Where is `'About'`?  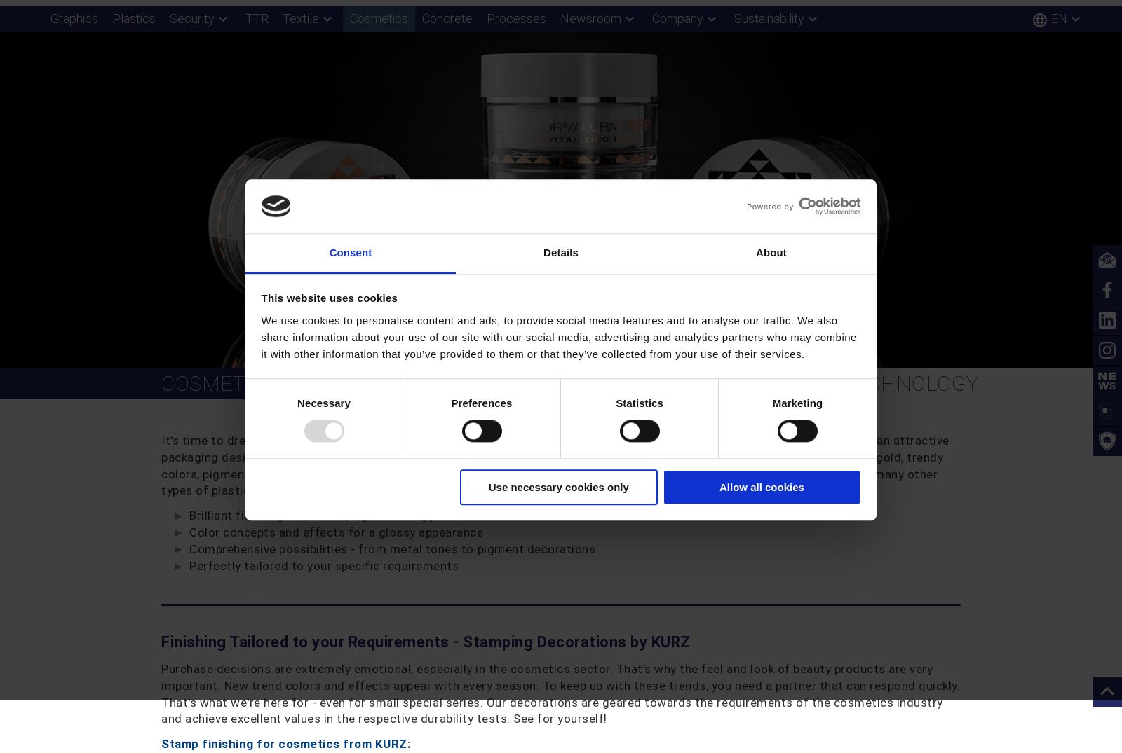 'About' is located at coordinates (771, 252).